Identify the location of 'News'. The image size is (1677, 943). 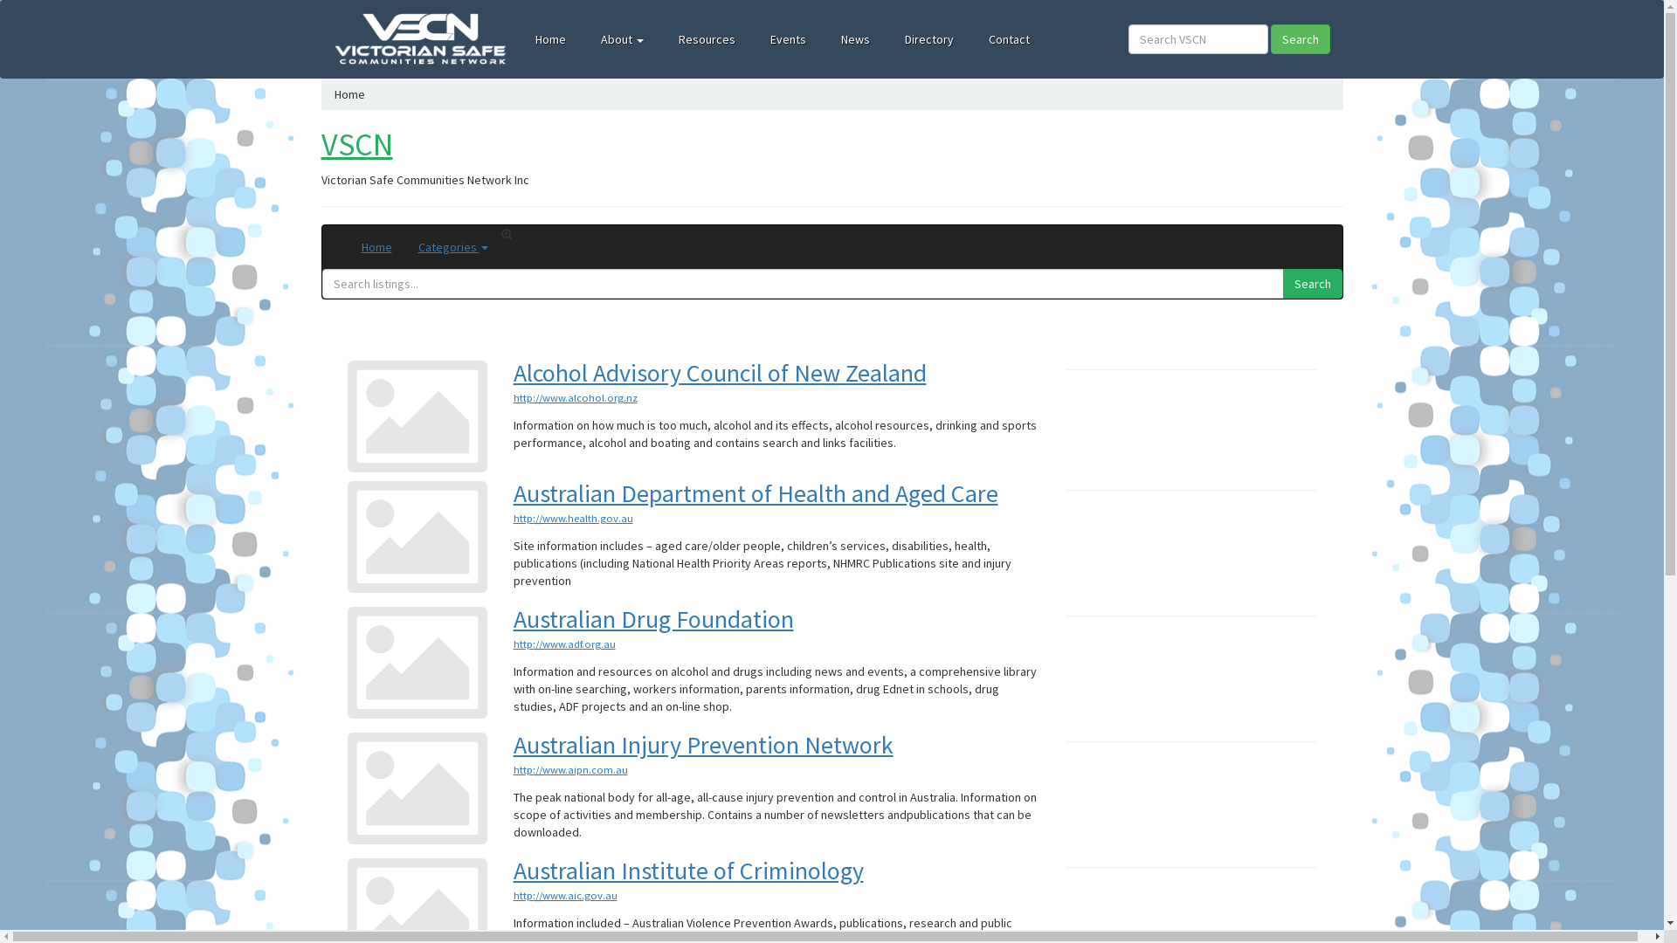
(855, 39).